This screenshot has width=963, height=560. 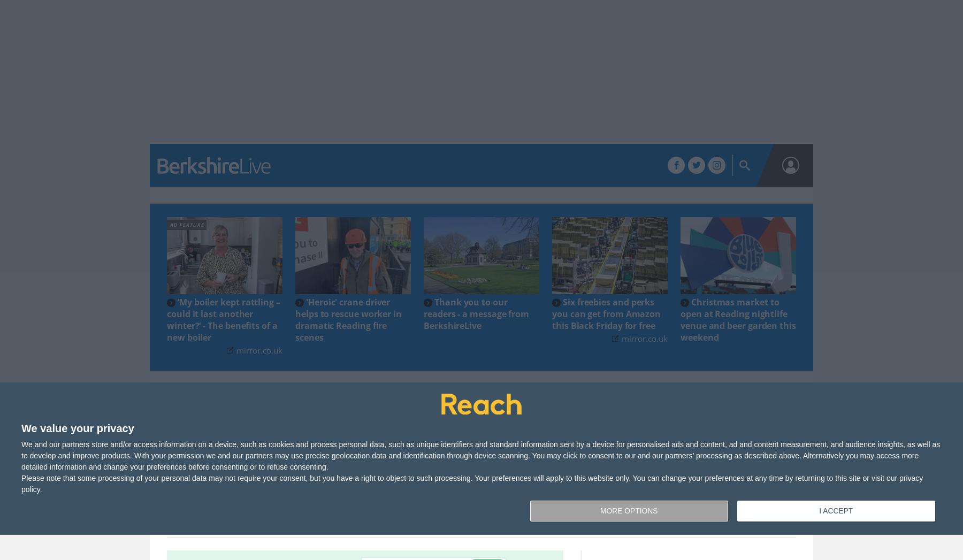 What do you see at coordinates (737, 318) in the screenshot?
I see `'Christmas market to open at Reading nightlife venue and beer garden this weekend'` at bounding box center [737, 318].